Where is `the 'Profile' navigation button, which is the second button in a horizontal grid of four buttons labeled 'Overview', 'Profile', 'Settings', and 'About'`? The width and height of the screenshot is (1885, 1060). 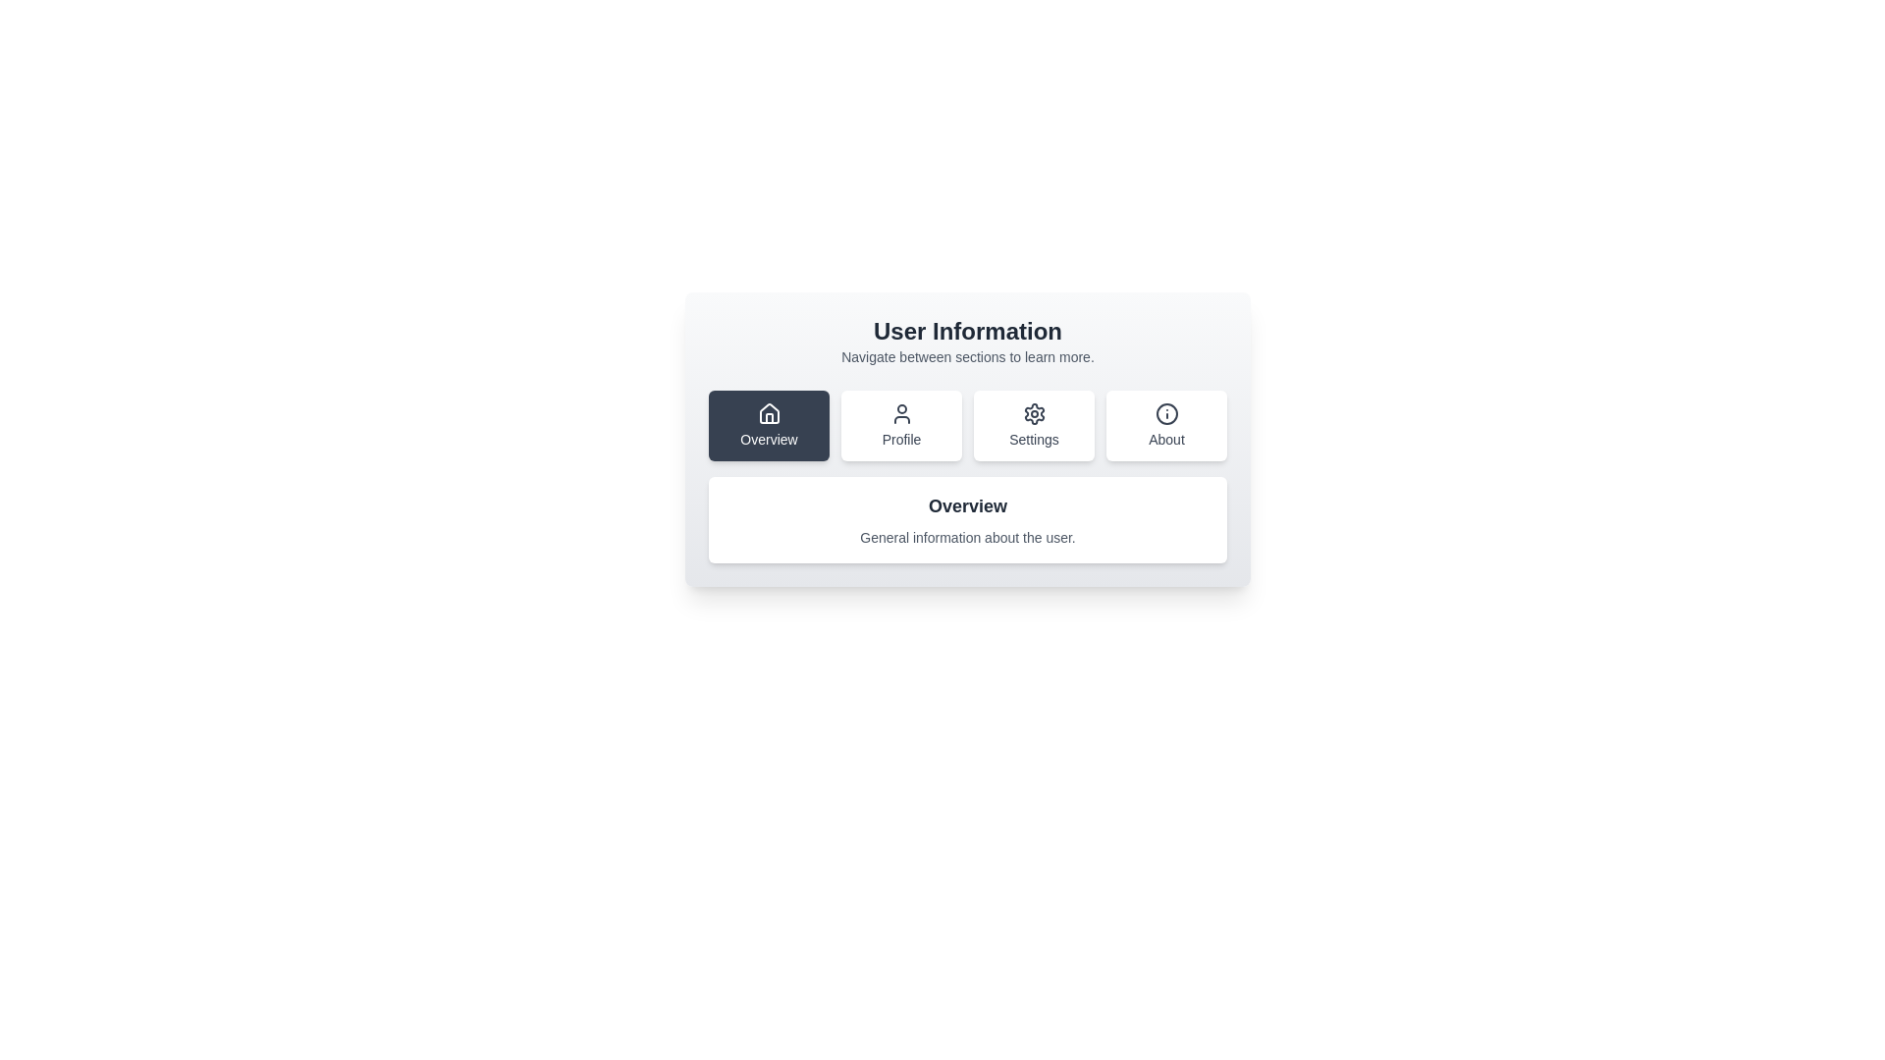 the 'Profile' navigation button, which is the second button in a horizontal grid of four buttons labeled 'Overview', 'Profile', 'Settings', and 'About' is located at coordinates (900, 425).